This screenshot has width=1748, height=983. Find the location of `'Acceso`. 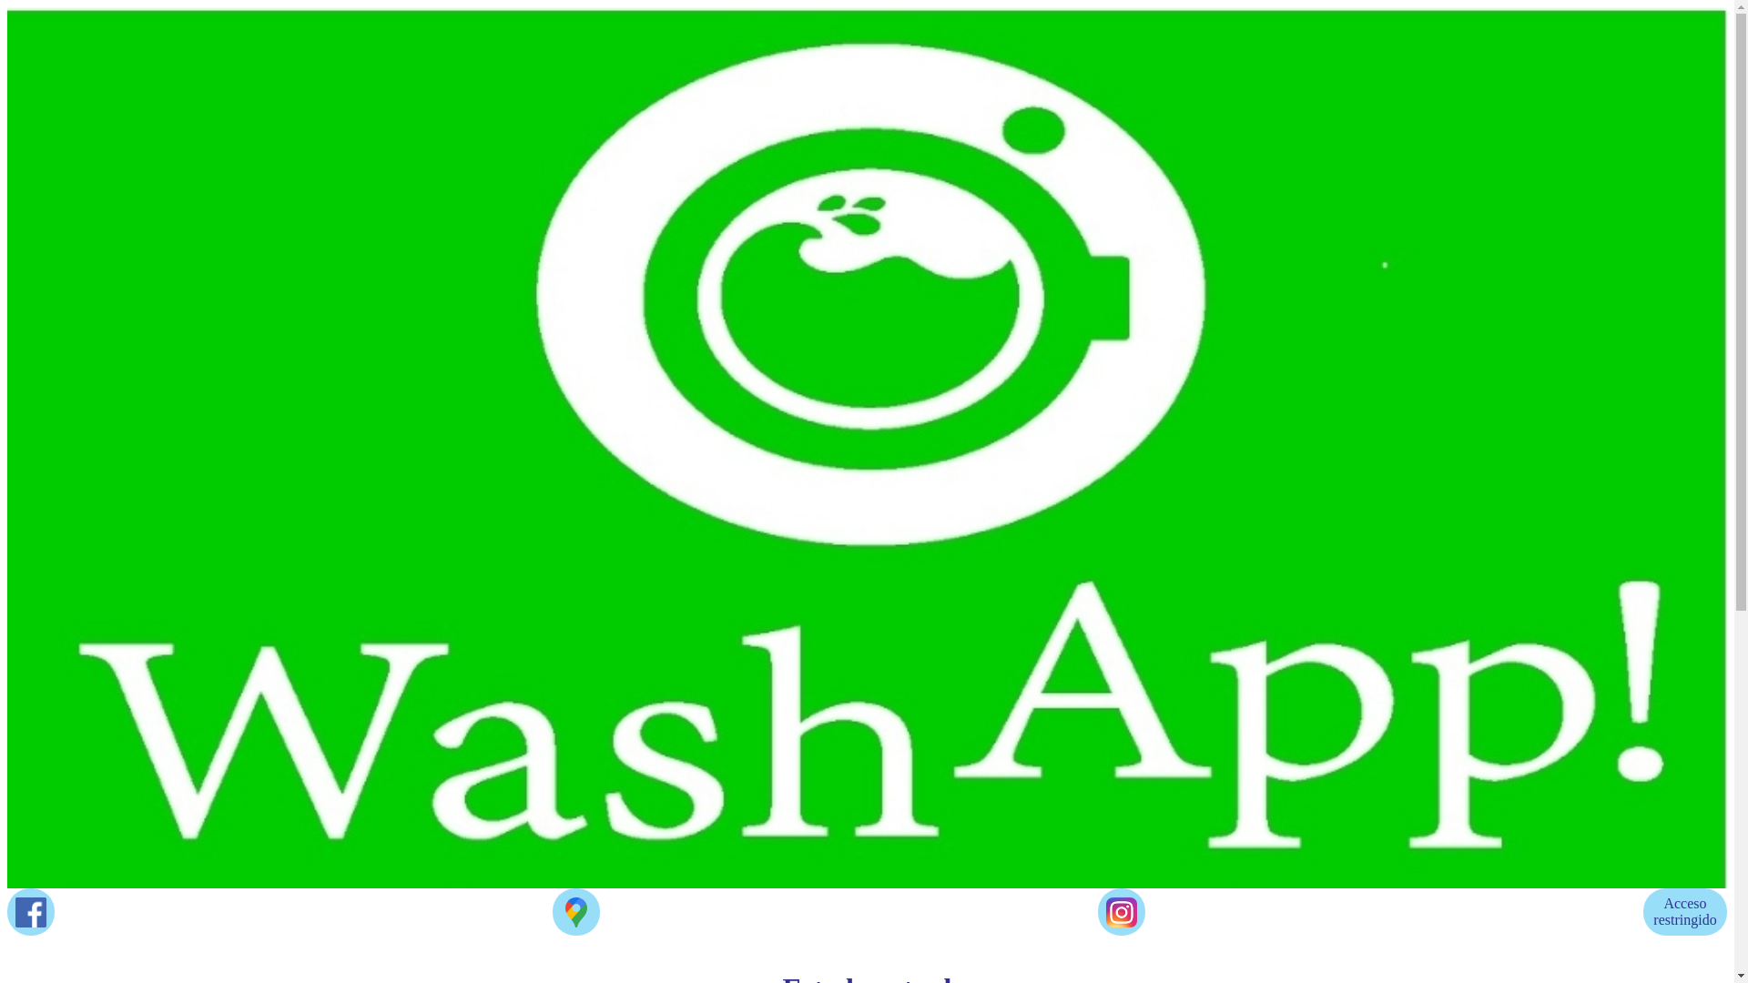

'Acceso is located at coordinates (1684, 912).